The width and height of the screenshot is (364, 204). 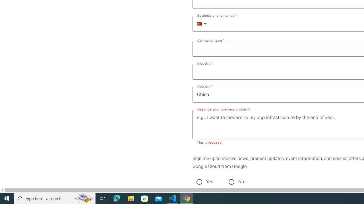 I want to click on 'Yes', so click(x=199, y=182).